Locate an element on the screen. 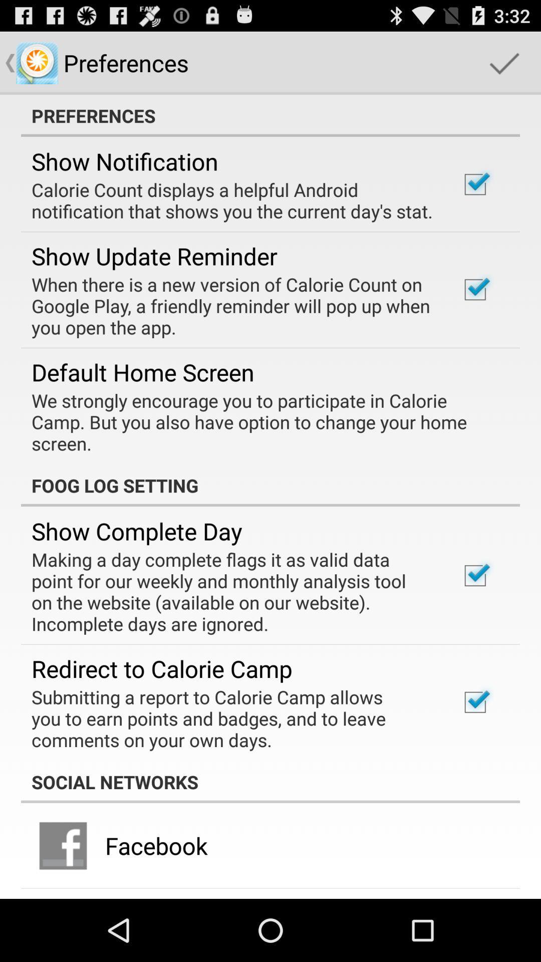 This screenshot has height=962, width=541. app above when there is item is located at coordinates (154, 256).